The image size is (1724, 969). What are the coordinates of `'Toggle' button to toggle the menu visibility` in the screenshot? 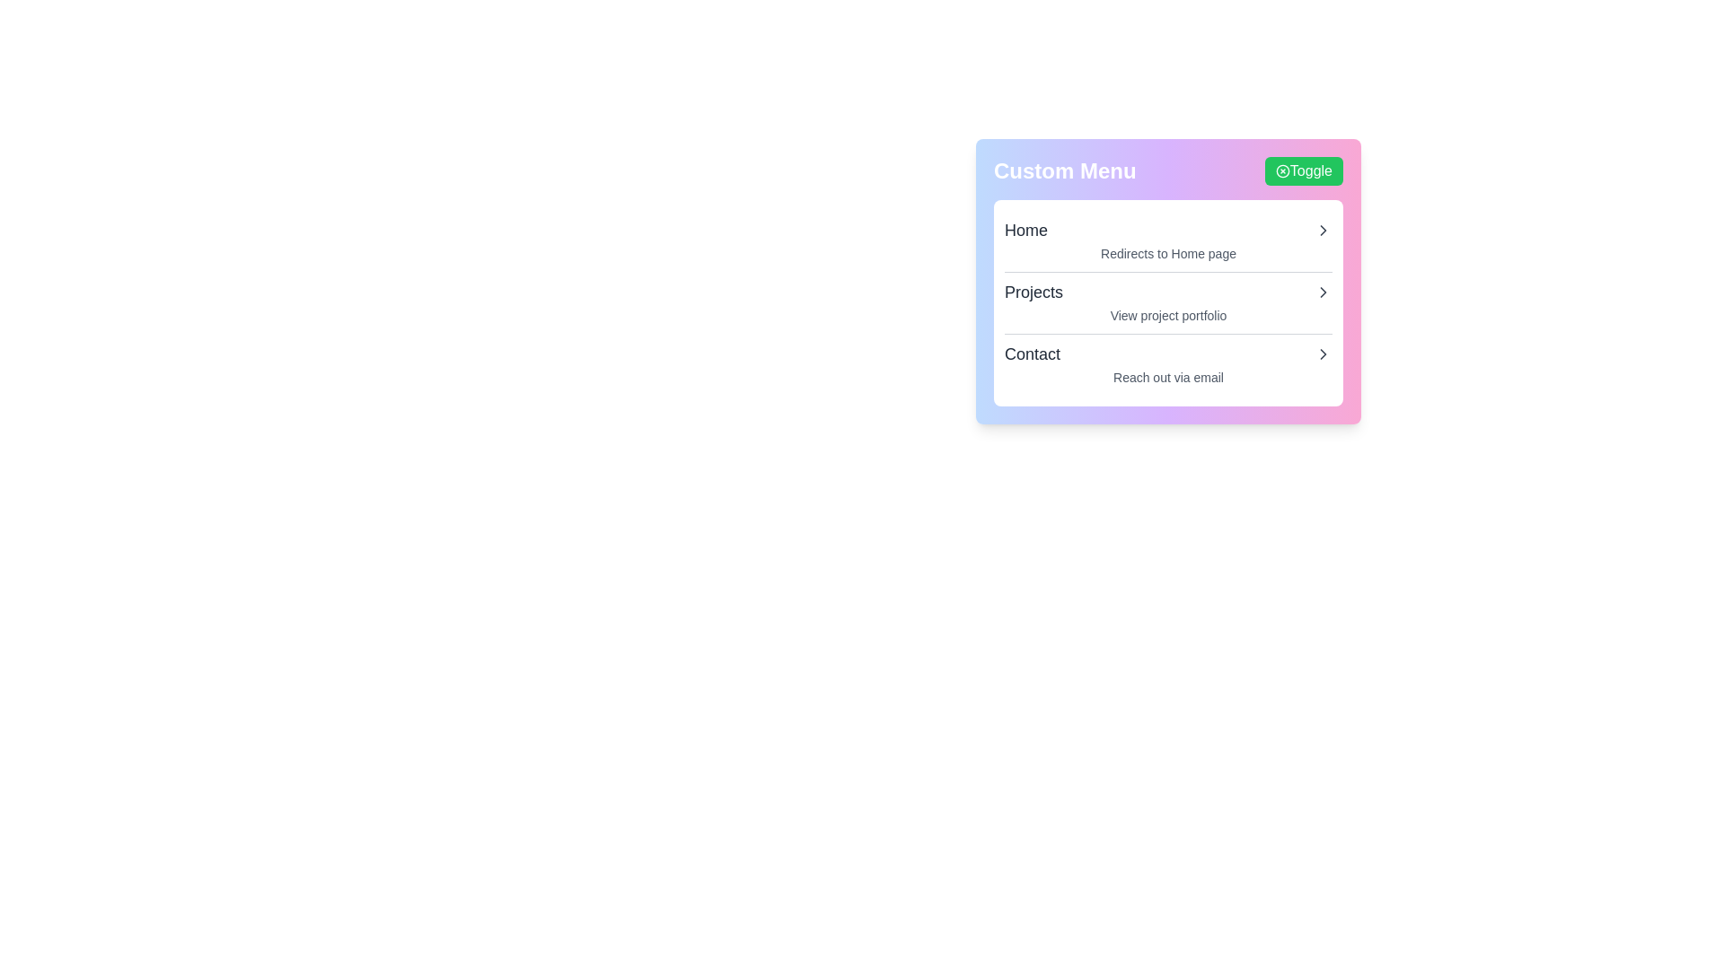 It's located at (1303, 171).